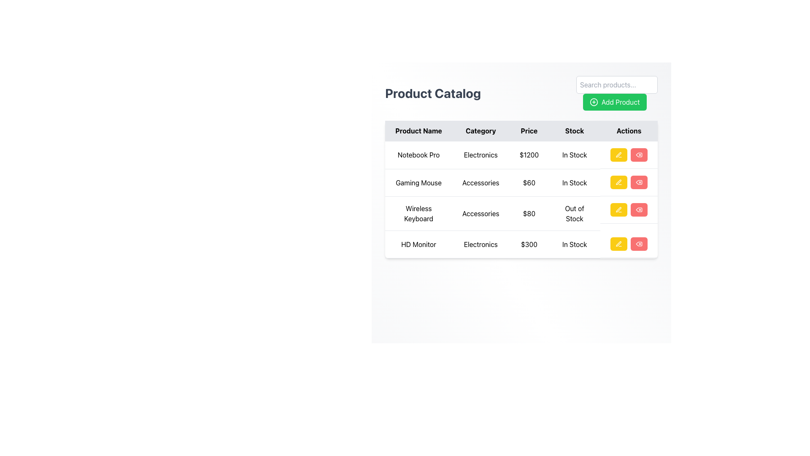 The width and height of the screenshot is (810, 456). What do you see at coordinates (619, 209) in the screenshot?
I see `the yellow button with rounded corners and a white pen icon in the 'Actions' column of the third row, adjacent to 'Wireless Keyboard'` at bounding box center [619, 209].